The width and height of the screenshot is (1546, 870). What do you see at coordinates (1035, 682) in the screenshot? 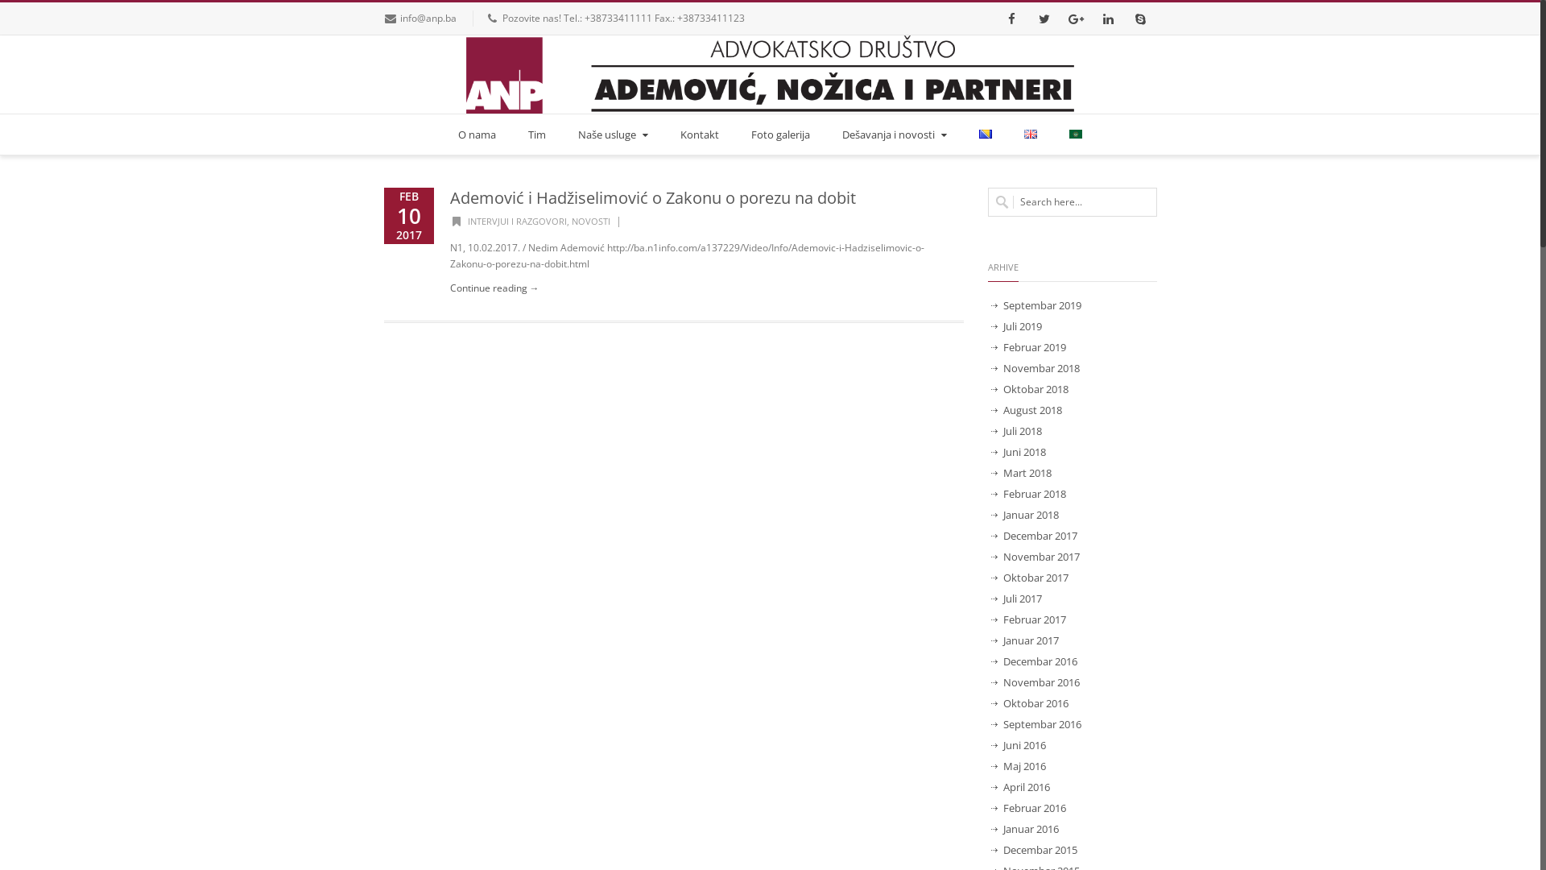
I see `'Novembar 2016'` at bounding box center [1035, 682].